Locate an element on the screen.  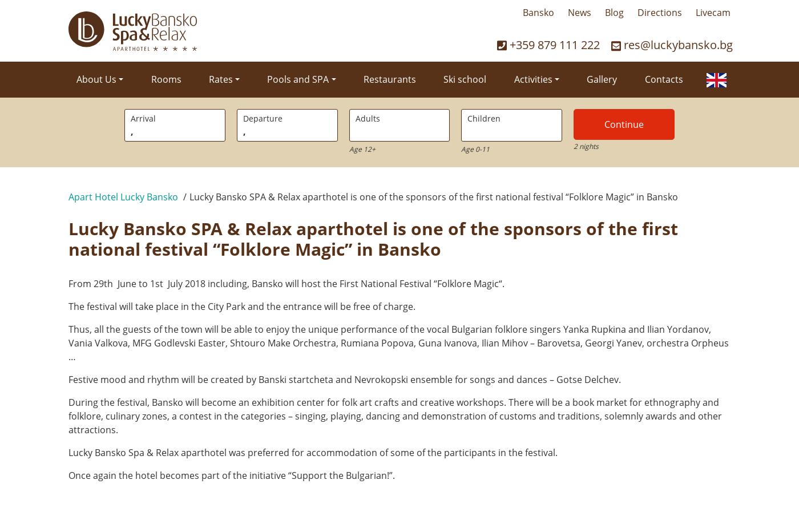
'Ski school' is located at coordinates (465, 79).